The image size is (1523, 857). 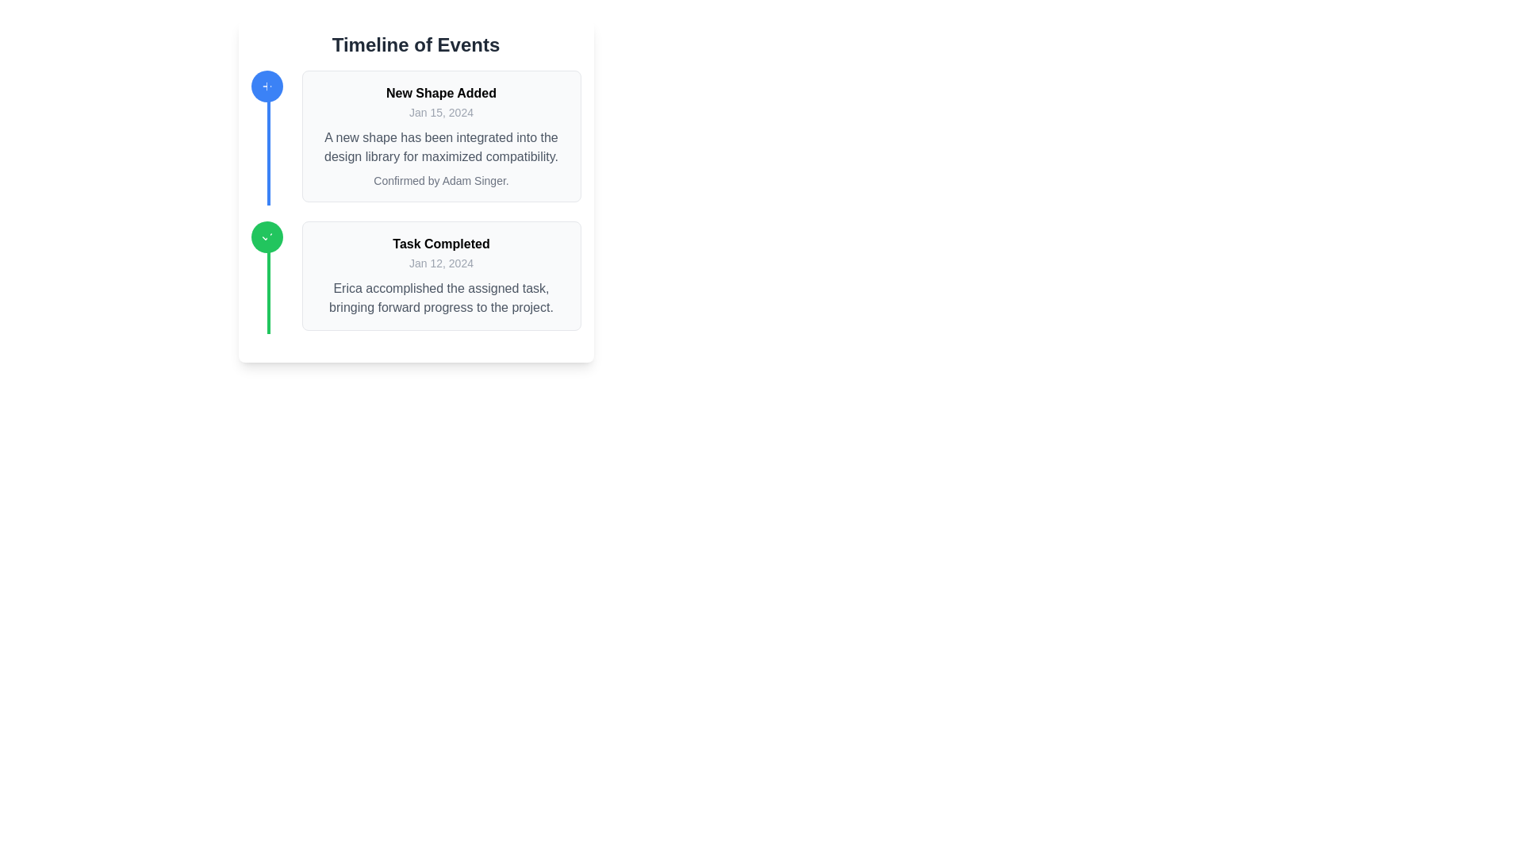 What do you see at coordinates (441, 136) in the screenshot?
I see `the top informational card in the 'Timeline of Events' section, which displays the header 'New Shape Added' and is styled with a light gray background and rounded corners` at bounding box center [441, 136].